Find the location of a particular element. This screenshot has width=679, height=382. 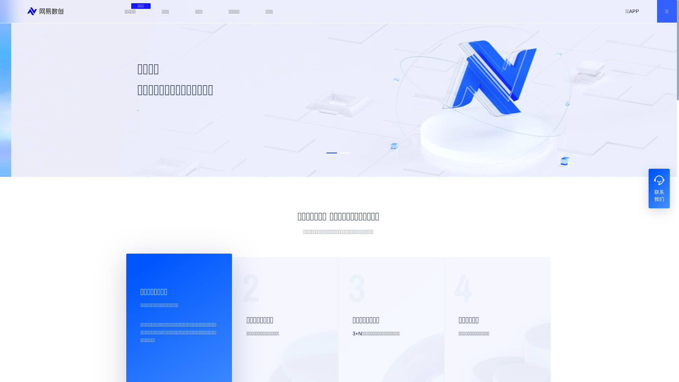

'2' is located at coordinates (339, 152).